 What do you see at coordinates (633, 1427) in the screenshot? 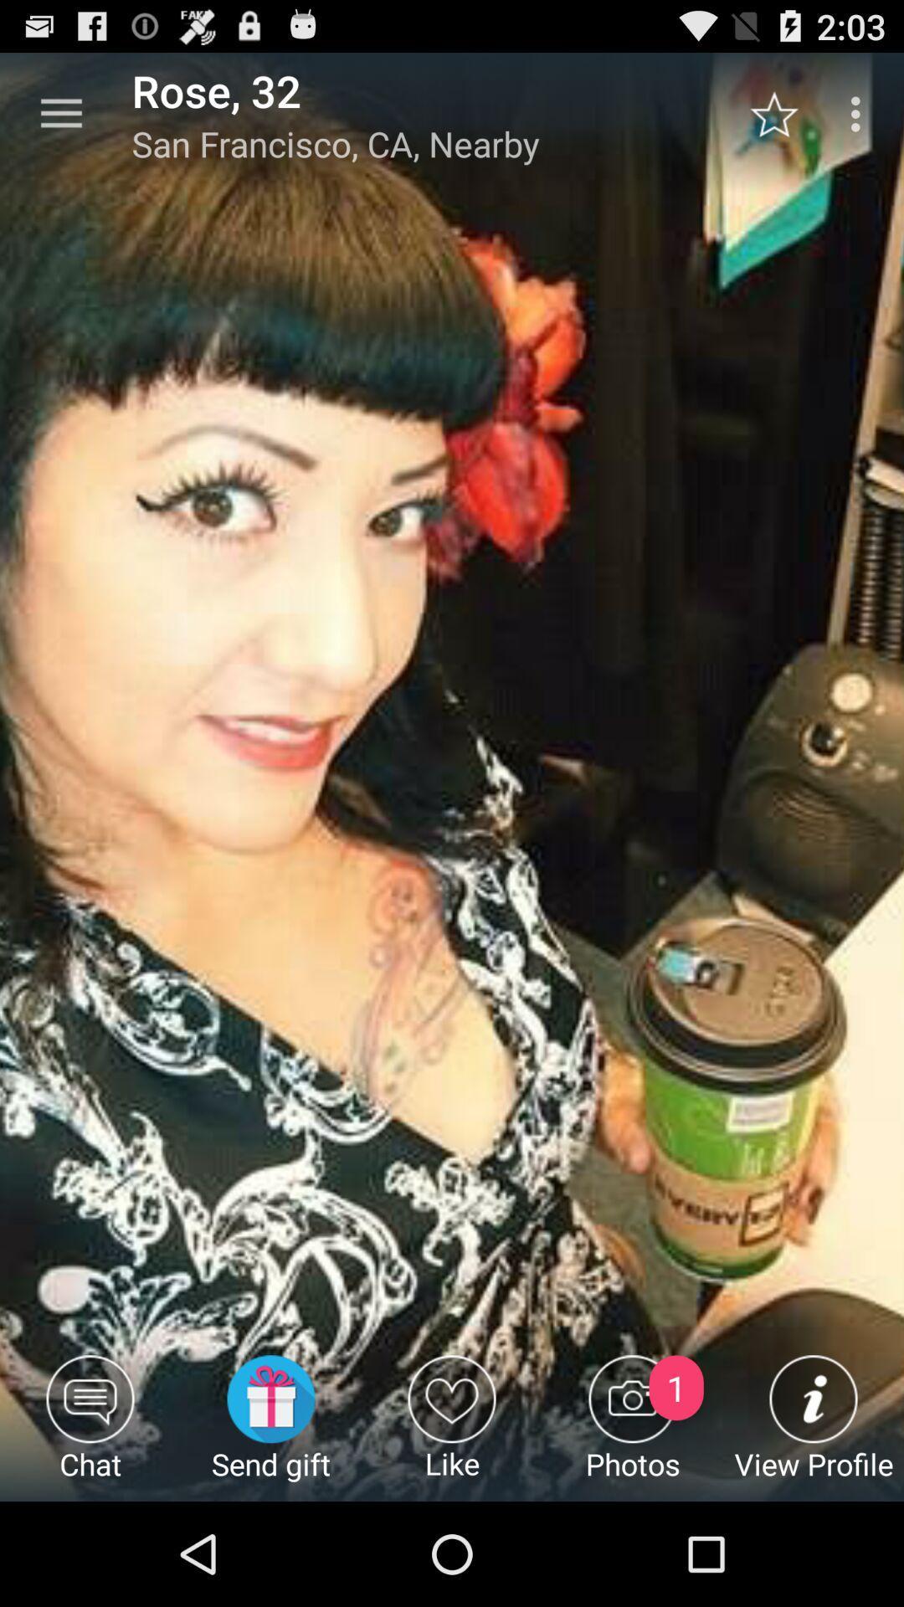
I see `icon next to view profile item` at bounding box center [633, 1427].